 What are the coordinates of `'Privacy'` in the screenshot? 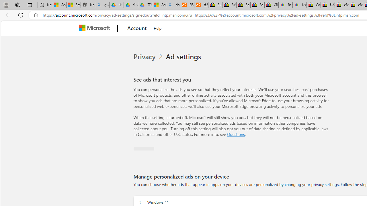 It's located at (149, 57).